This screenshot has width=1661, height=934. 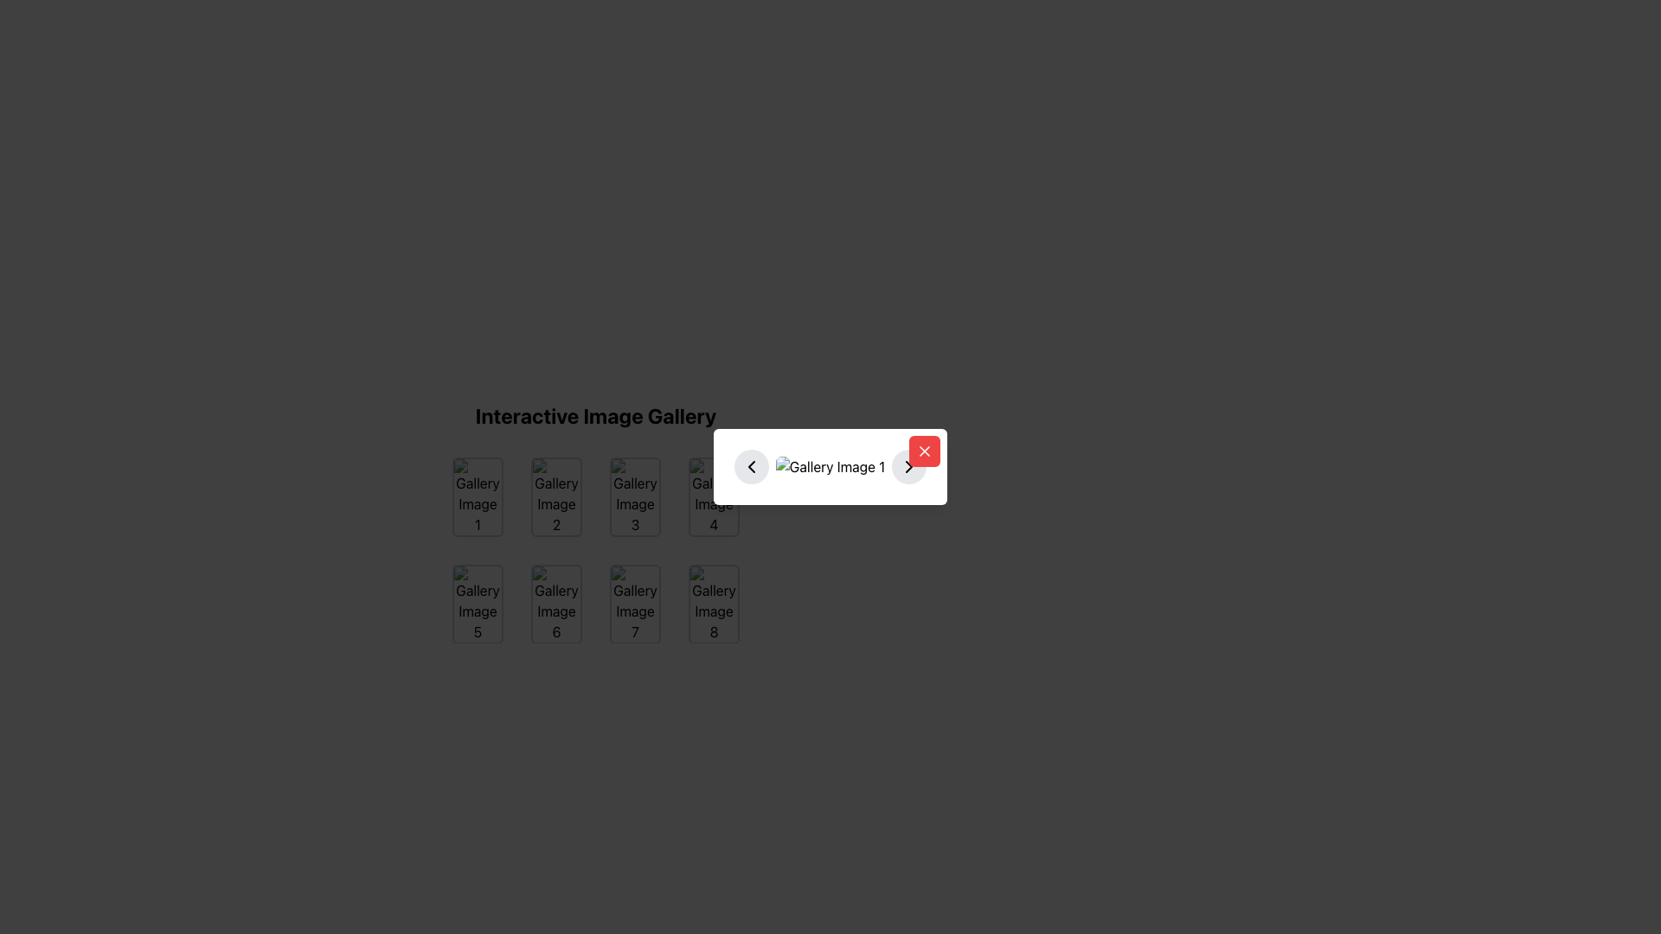 What do you see at coordinates (714, 603) in the screenshot?
I see `the Image Preview Card labeled 'Gallery Image 8', which features a rounded thumbnail and descriptive text below it, located in the last row and last column of the grid layout` at bounding box center [714, 603].